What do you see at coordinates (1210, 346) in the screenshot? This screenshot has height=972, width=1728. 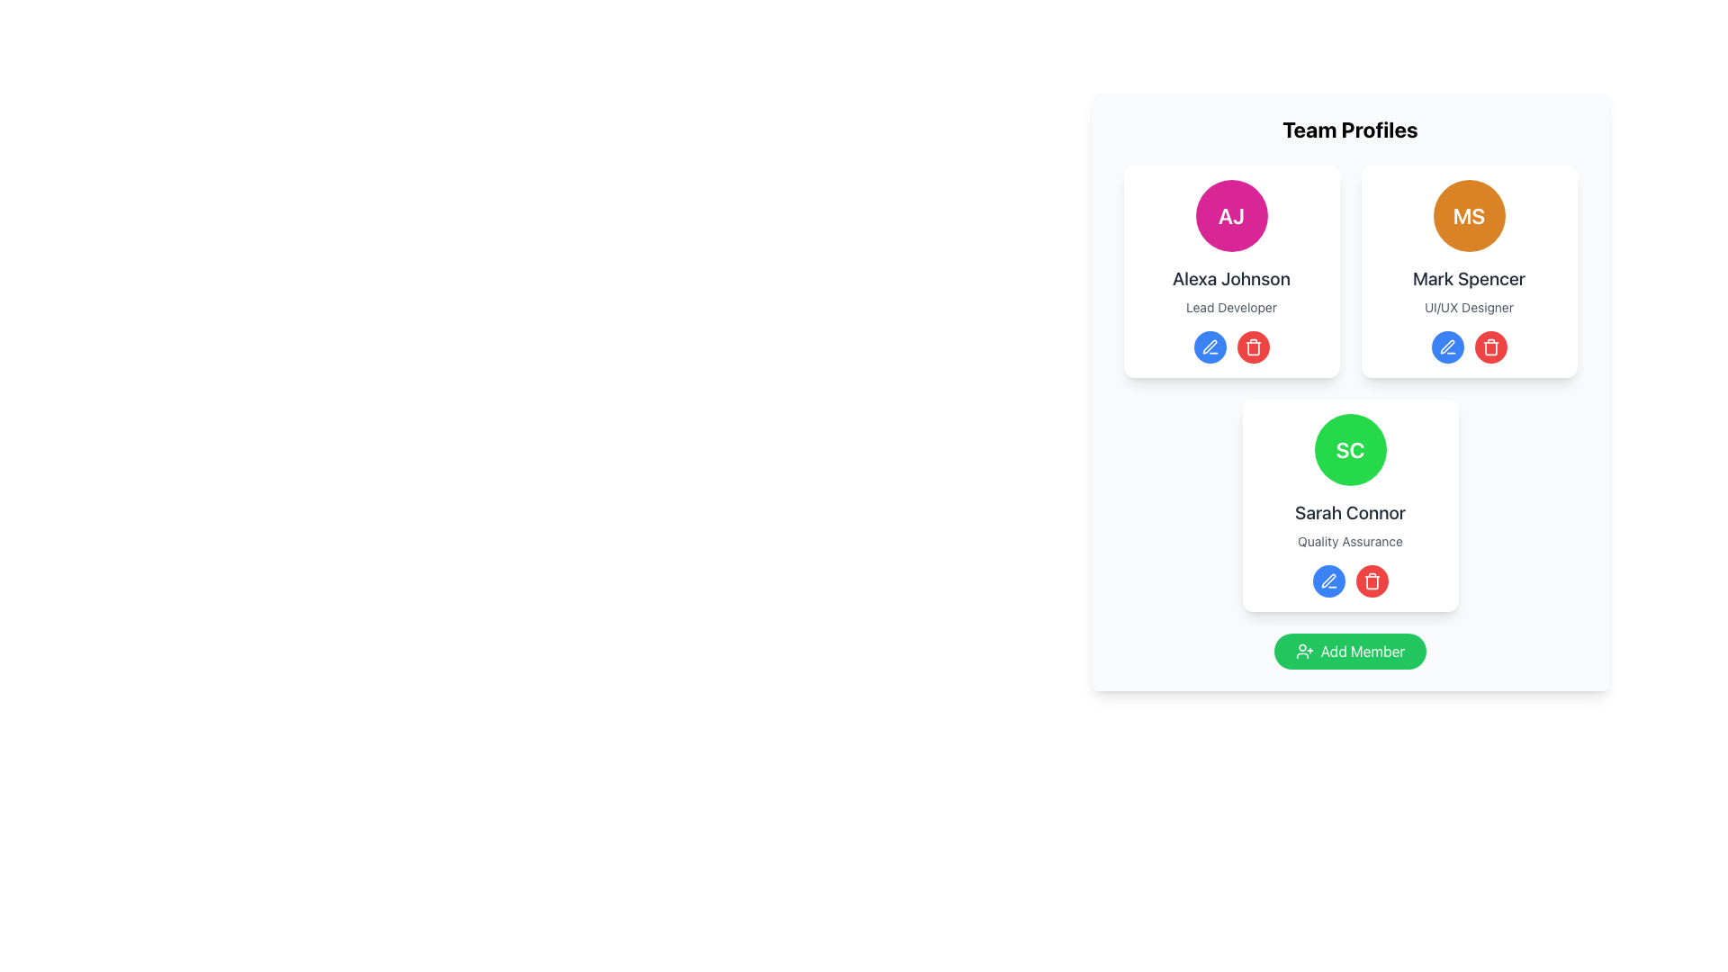 I see `the edit button embedded in the blue circular button located at the bottom-left of the card for 'Alexa Johnson, Lead Developer' to initiate editing` at bounding box center [1210, 346].